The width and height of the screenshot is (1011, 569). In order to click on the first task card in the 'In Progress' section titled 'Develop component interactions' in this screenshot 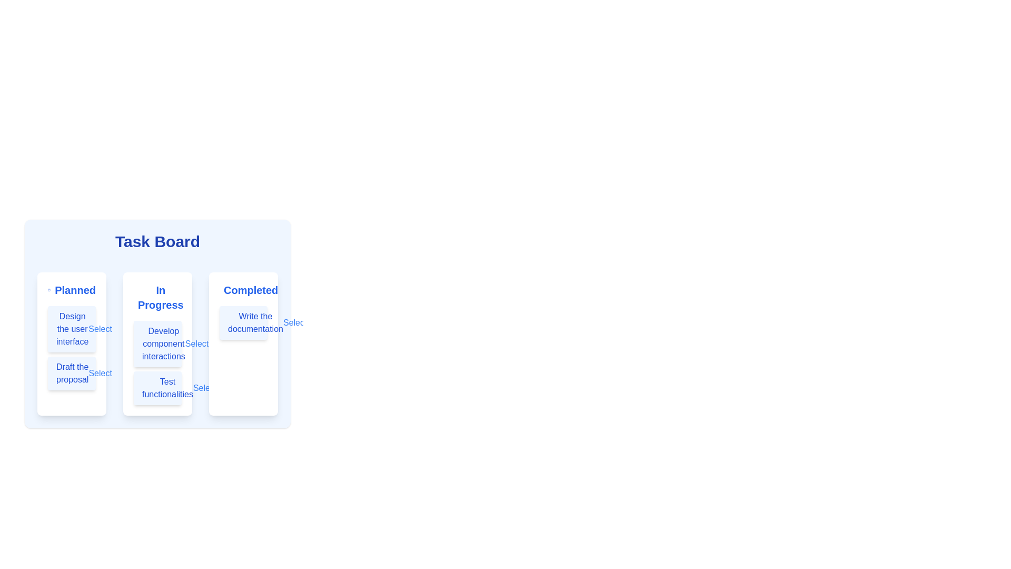, I will do `click(157, 344)`.